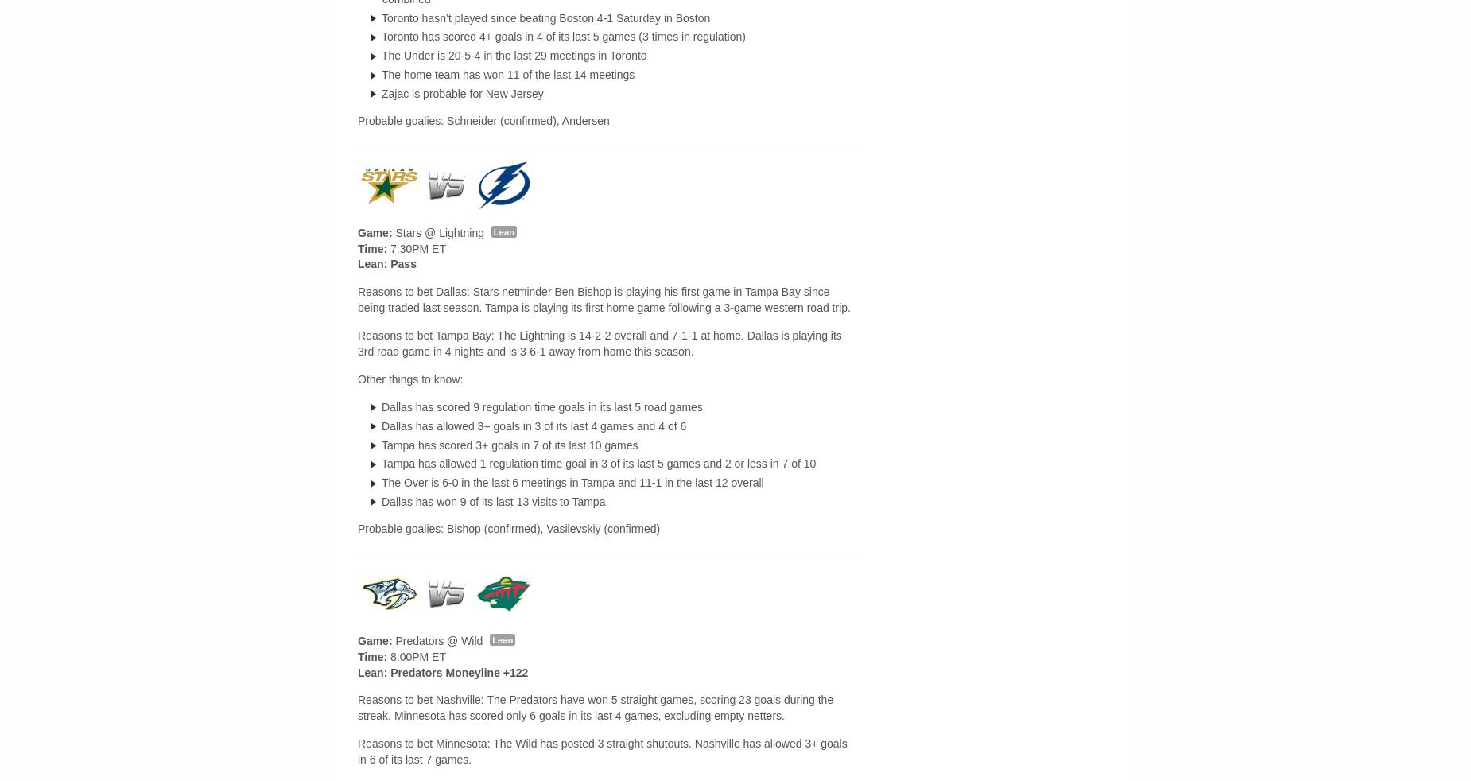  What do you see at coordinates (596, 707) in the screenshot?
I see `'Reasons to bet Nashville: The Predators have won 5 straight games, scoring 23 goals during the streak. Minnesota has scored only 6 goals in its last 4 games, excluding empty netters.'` at bounding box center [596, 707].